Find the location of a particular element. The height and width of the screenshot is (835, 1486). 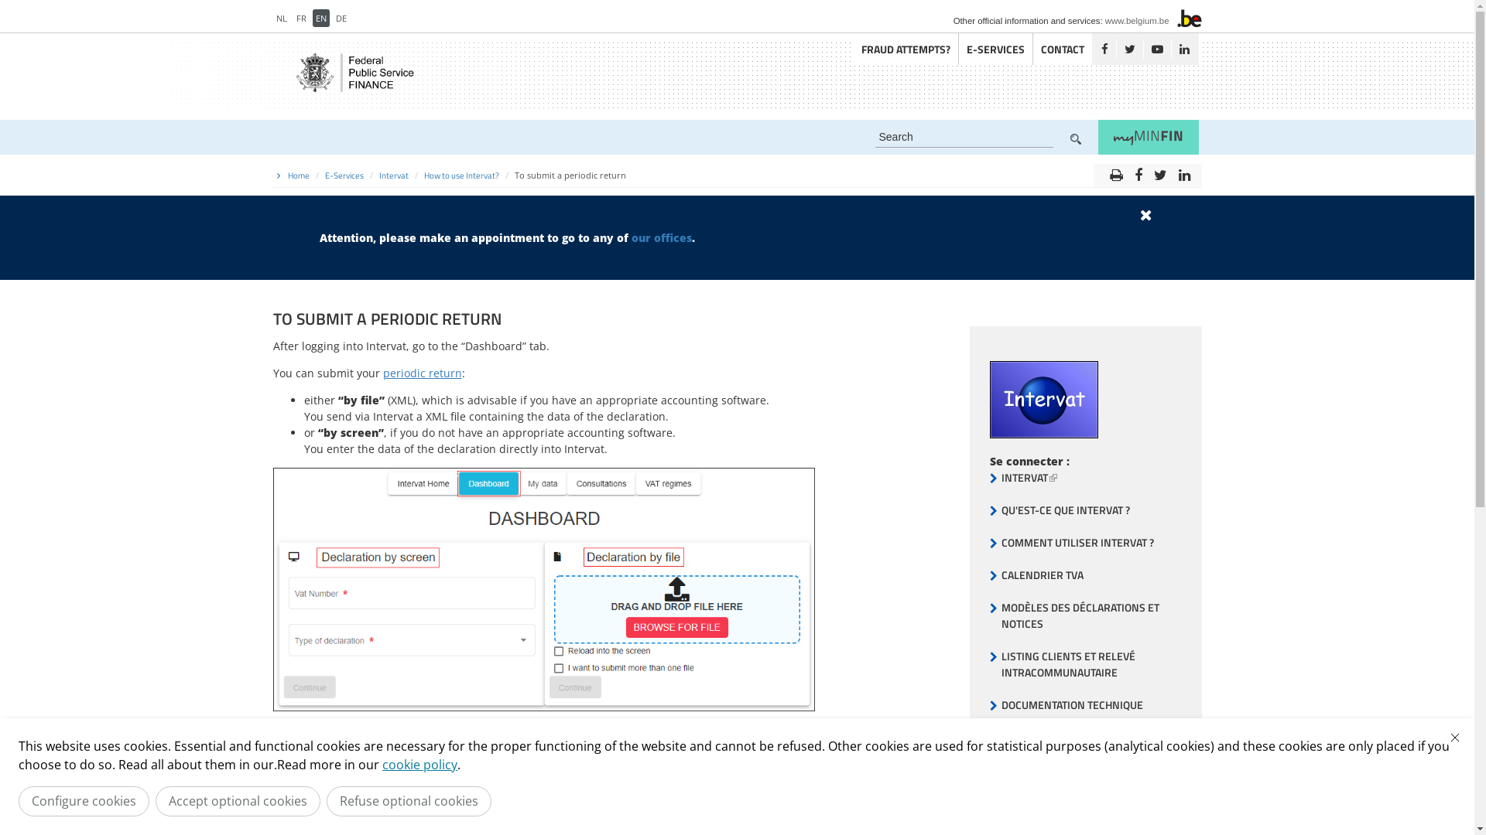

'Twitter' is located at coordinates (1129, 48).